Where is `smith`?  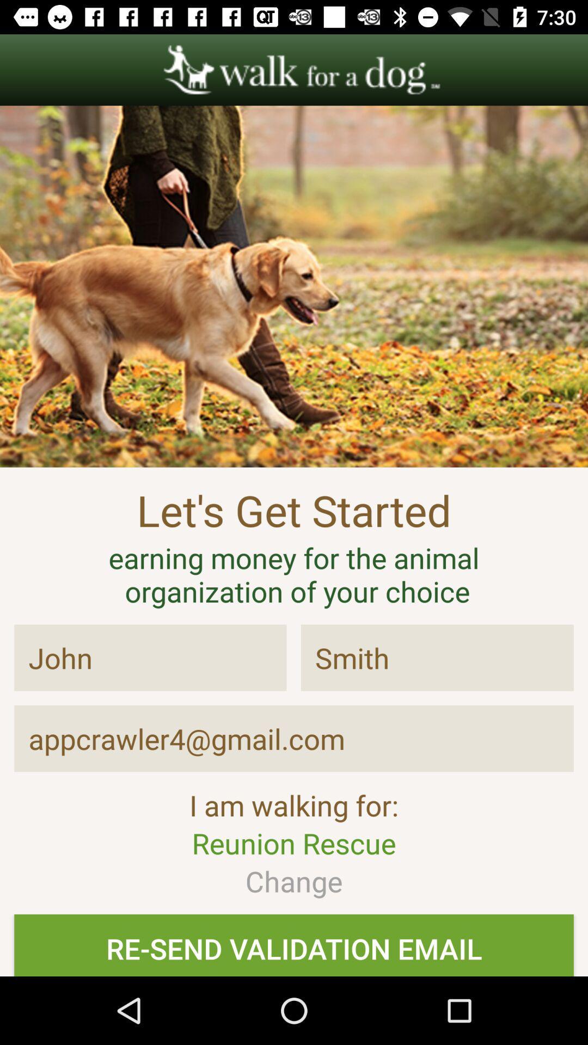 smith is located at coordinates (437, 657).